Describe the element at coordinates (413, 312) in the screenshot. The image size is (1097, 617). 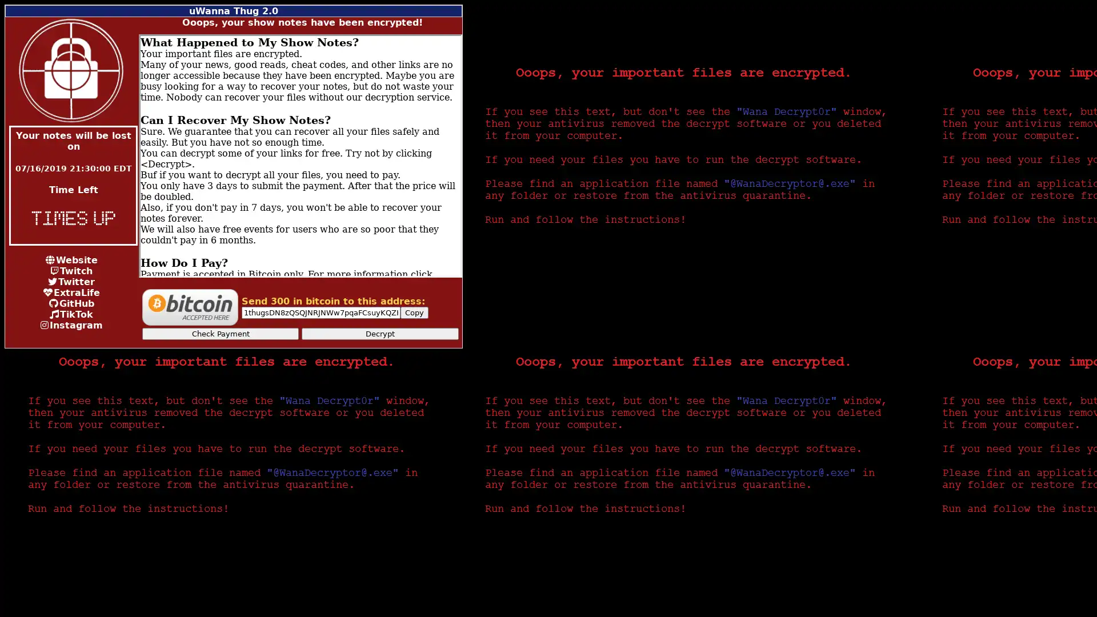
I see `Copy` at that location.